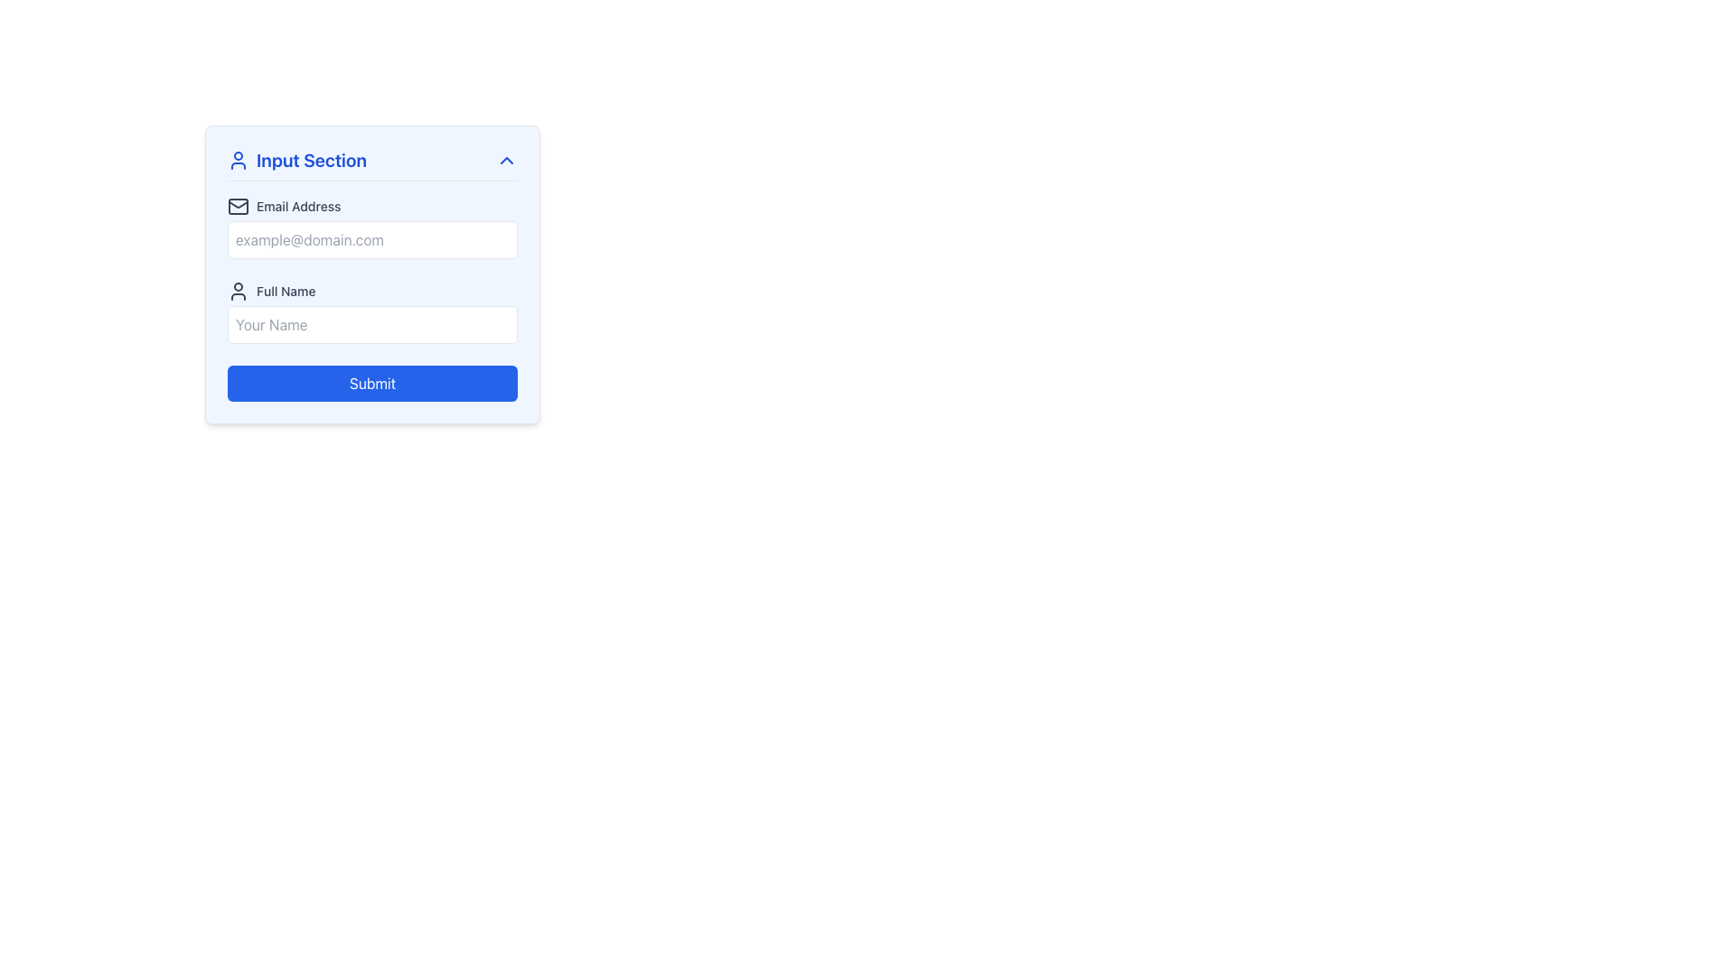 The height and width of the screenshot is (975, 1735). I want to click on the 'Submit' button, a rectangular blue button with rounded corners and white text, located at the bottom of the form, so click(371, 382).